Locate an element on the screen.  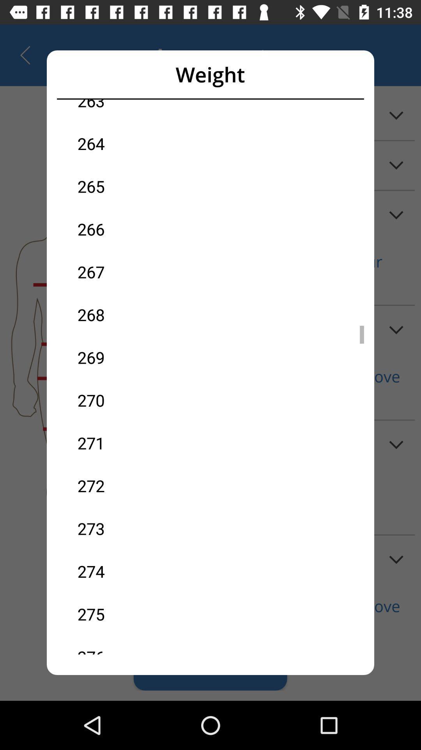
icon above the 273 item is located at coordinates (144, 485).